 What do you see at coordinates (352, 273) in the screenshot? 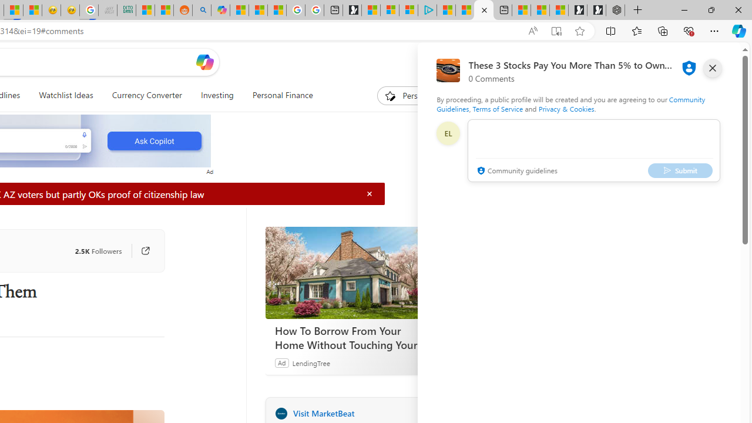
I see `'How To Borrow From Your Home Without Touching Your Mortgage'` at bounding box center [352, 273].